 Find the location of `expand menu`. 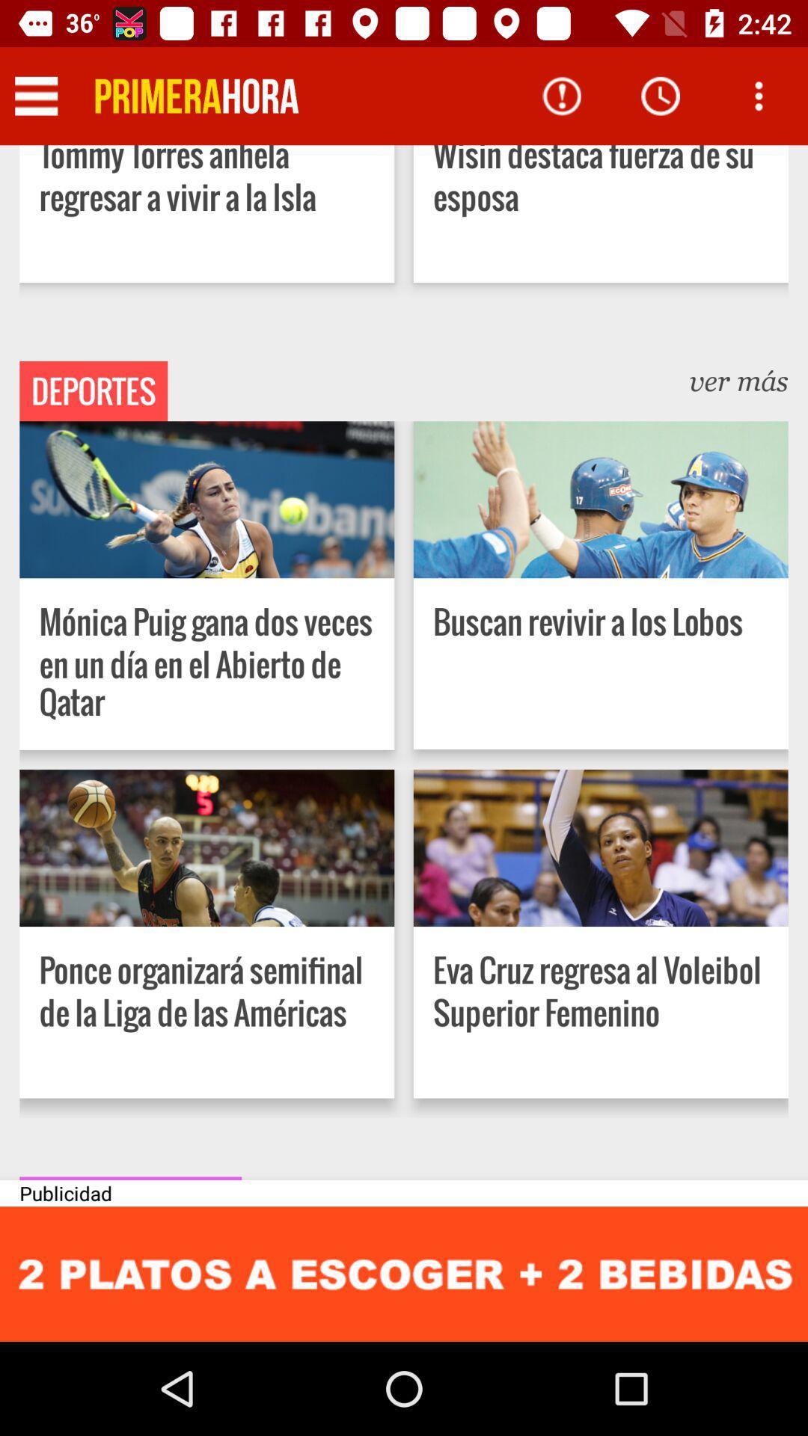

expand menu is located at coordinates (35, 95).